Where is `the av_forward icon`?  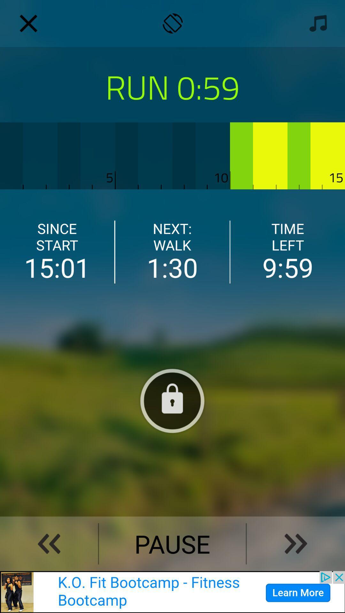 the av_forward icon is located at coordinates (296, 543).